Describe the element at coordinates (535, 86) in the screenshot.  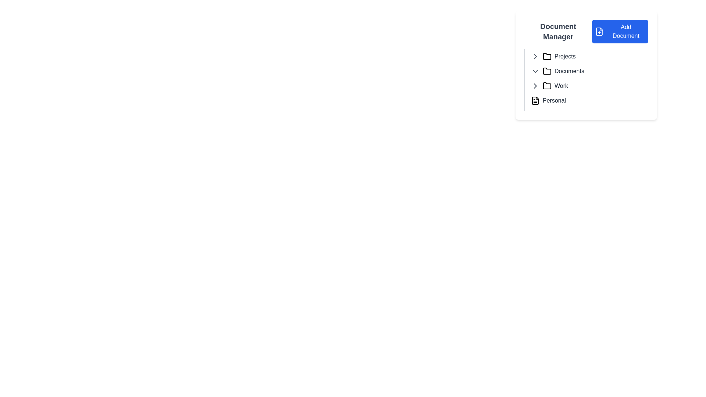
I see `the rightward-pointing chevron icon located on the right side of the 'Documents' menu to trigger a tooltip or visual response` at that location.